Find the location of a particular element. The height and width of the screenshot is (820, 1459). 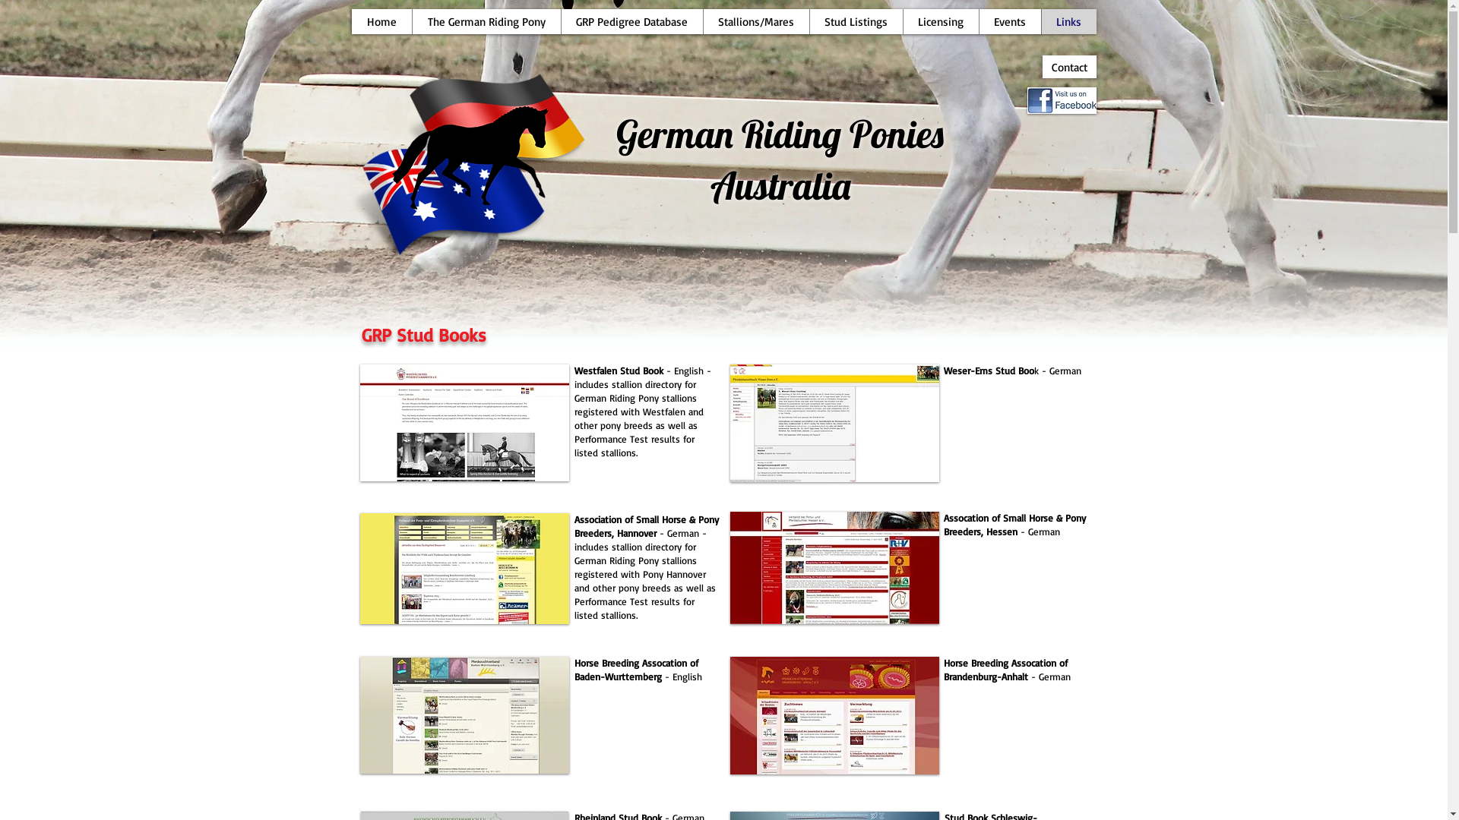

'Licensing' is located at coordinates (940, 21).